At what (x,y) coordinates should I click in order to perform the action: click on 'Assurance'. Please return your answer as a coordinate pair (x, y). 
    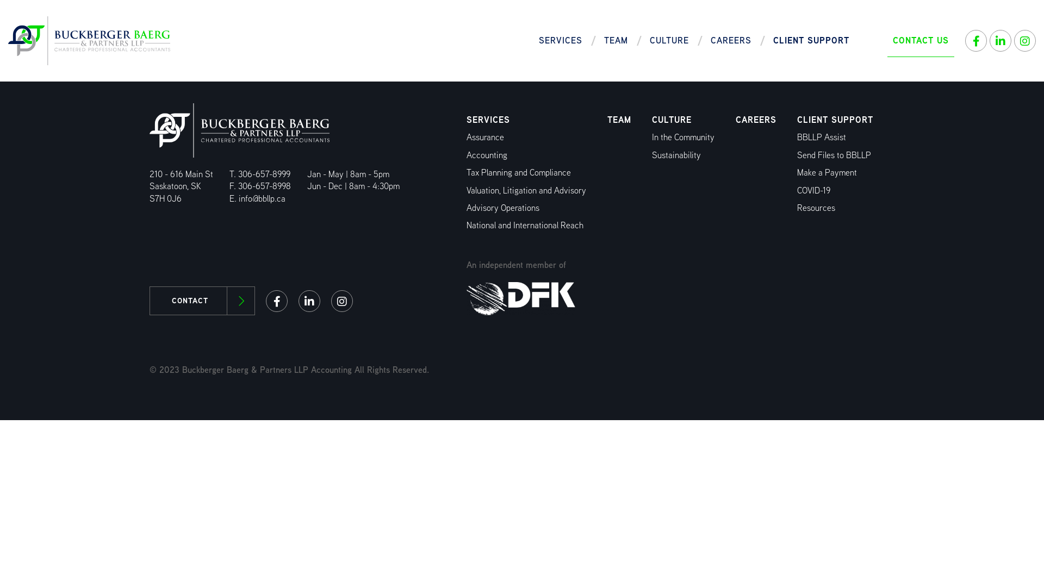
    Looking at the image, I should click on (484, 136).